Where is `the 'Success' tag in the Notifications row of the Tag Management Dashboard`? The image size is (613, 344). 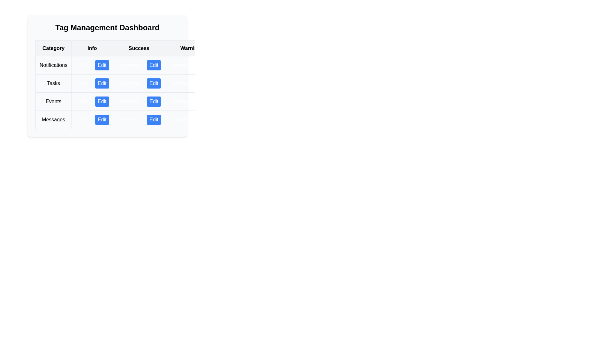 the 'Success' tag in the Notifications row of the Tag Management Dashboard is located at coordinates (139, 65).